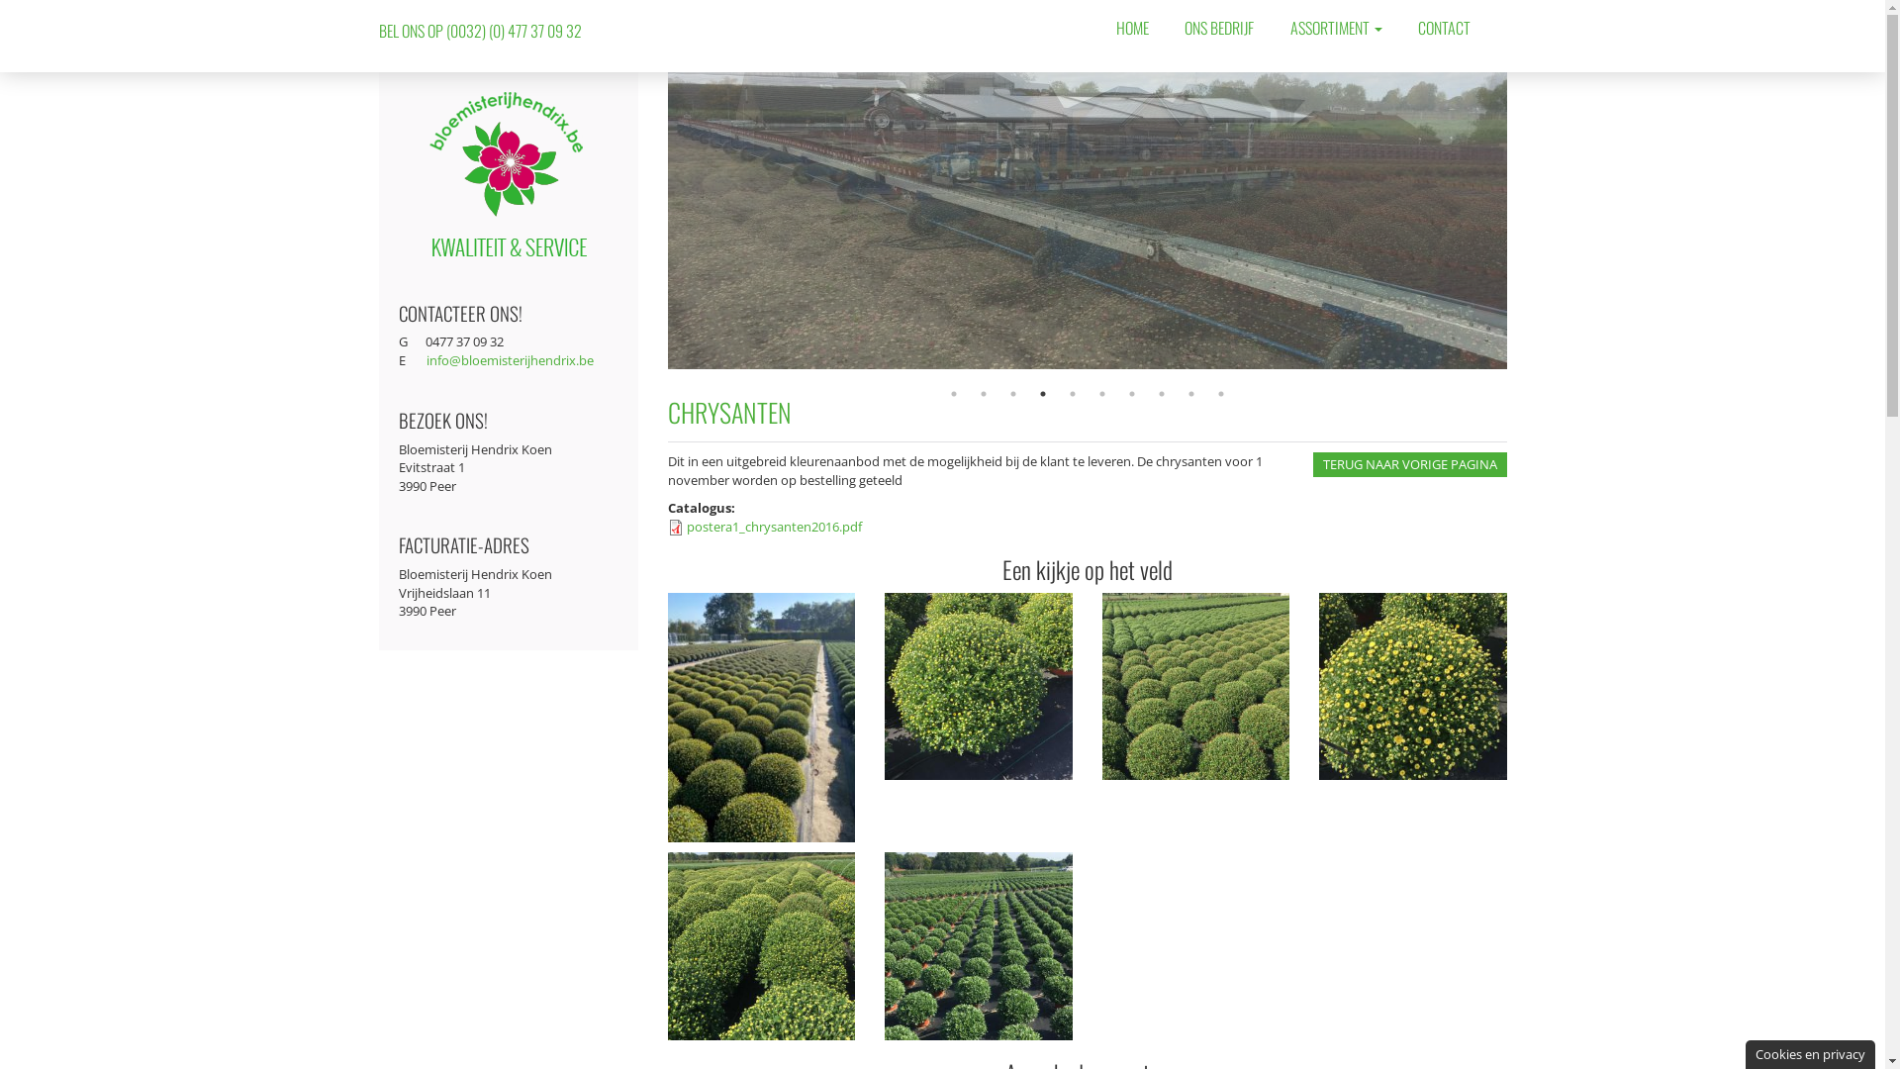 The width and height of the screenshot is (1900, 1069). Describe the element at coordinates (773, 526) in the screenshot. I see `'postera1_chrysanten2016.pdf'` at that location.